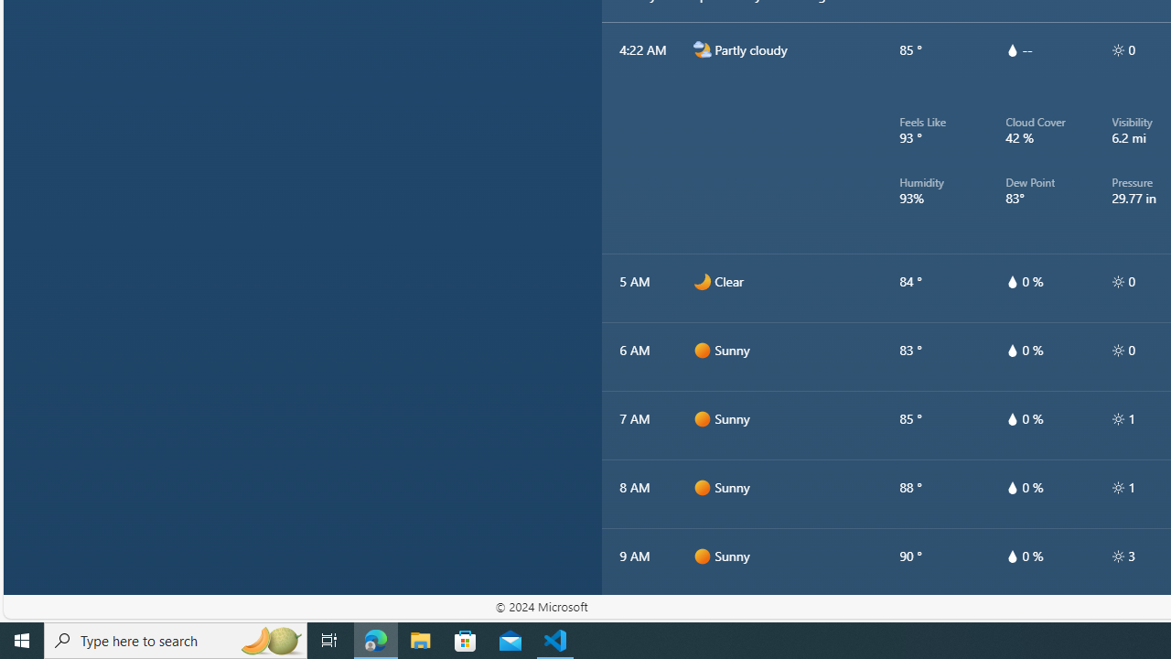 This screenshot has width=1171, height=659. What do you see at coordinates (1117, 556) in the screenshot?
I see `'hourlyTable/uv'` at bounding box center [1117, 556].